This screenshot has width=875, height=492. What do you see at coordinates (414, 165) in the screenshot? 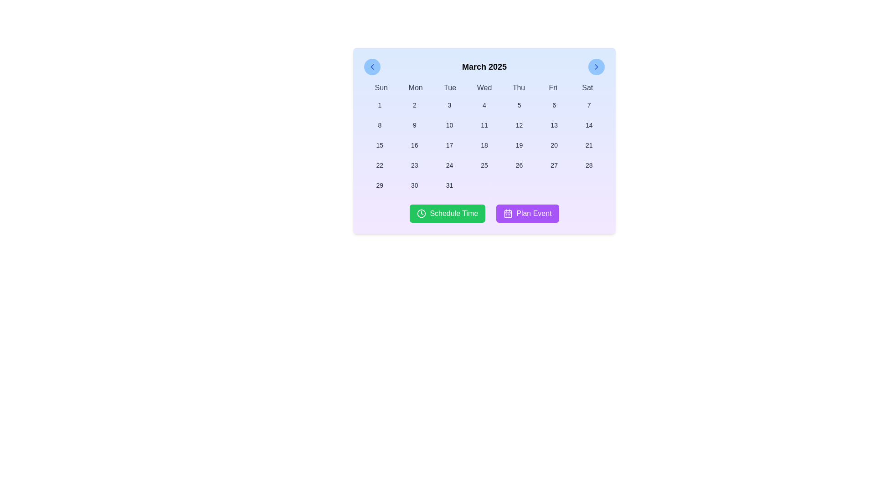
I see `the calendar date button located in the sixth row and third column` at bounding box center [414, 165].